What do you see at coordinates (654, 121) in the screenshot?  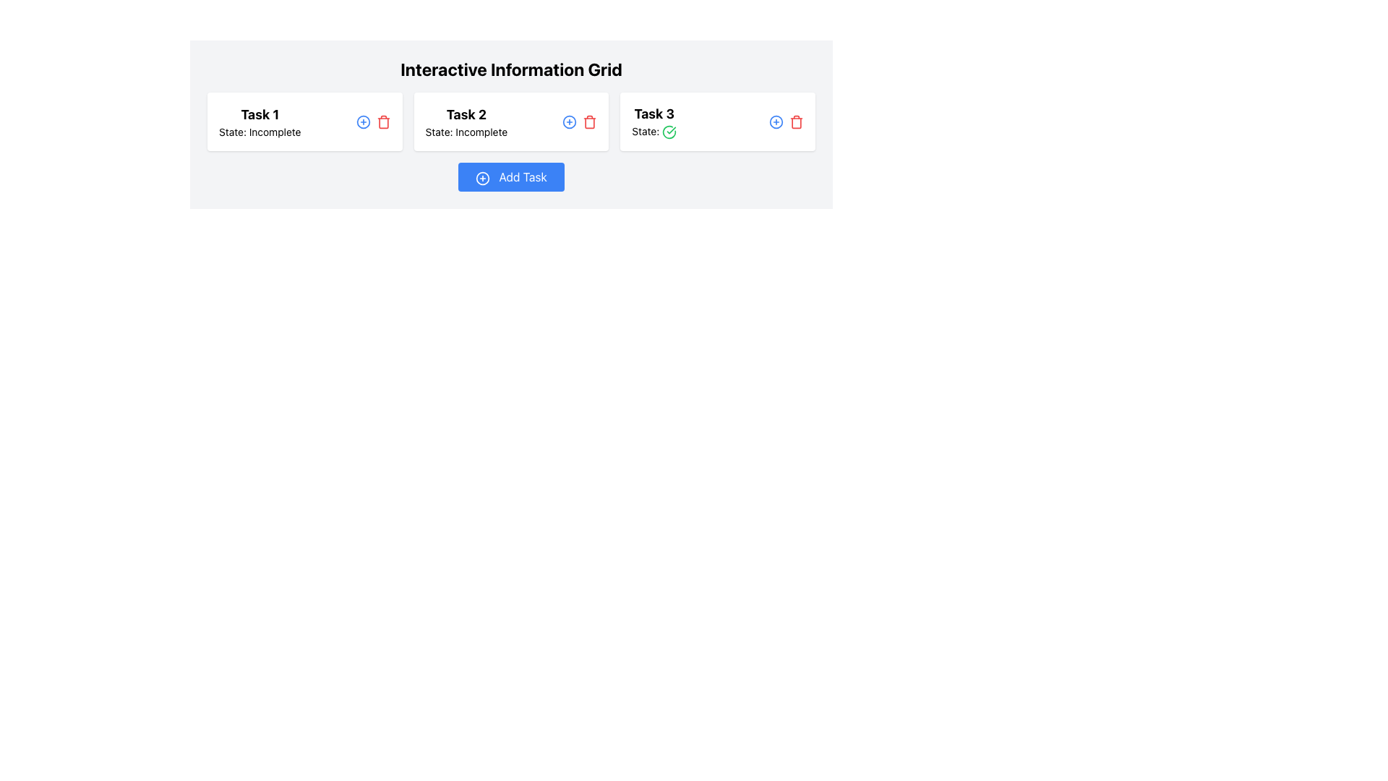 I see `the 'Task 3' text label to potentially see a tooltip, which is located at the top-left corner of the third task card in the grid layout` at bounding box center [654, 121].